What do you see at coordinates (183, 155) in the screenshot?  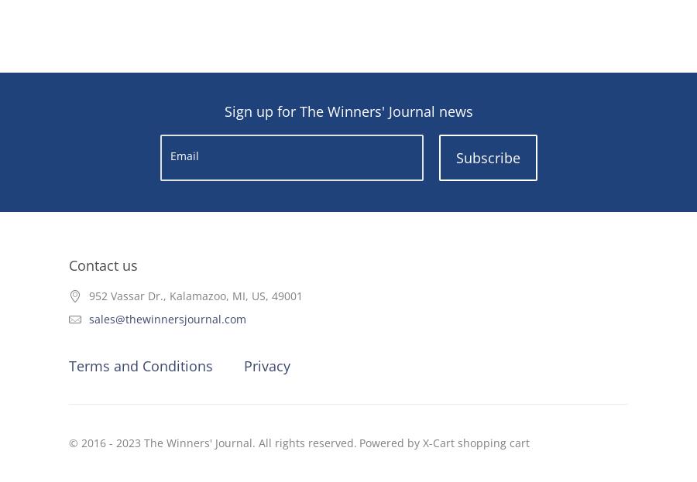 I see `'Email'` at bounding box center [183, 155].